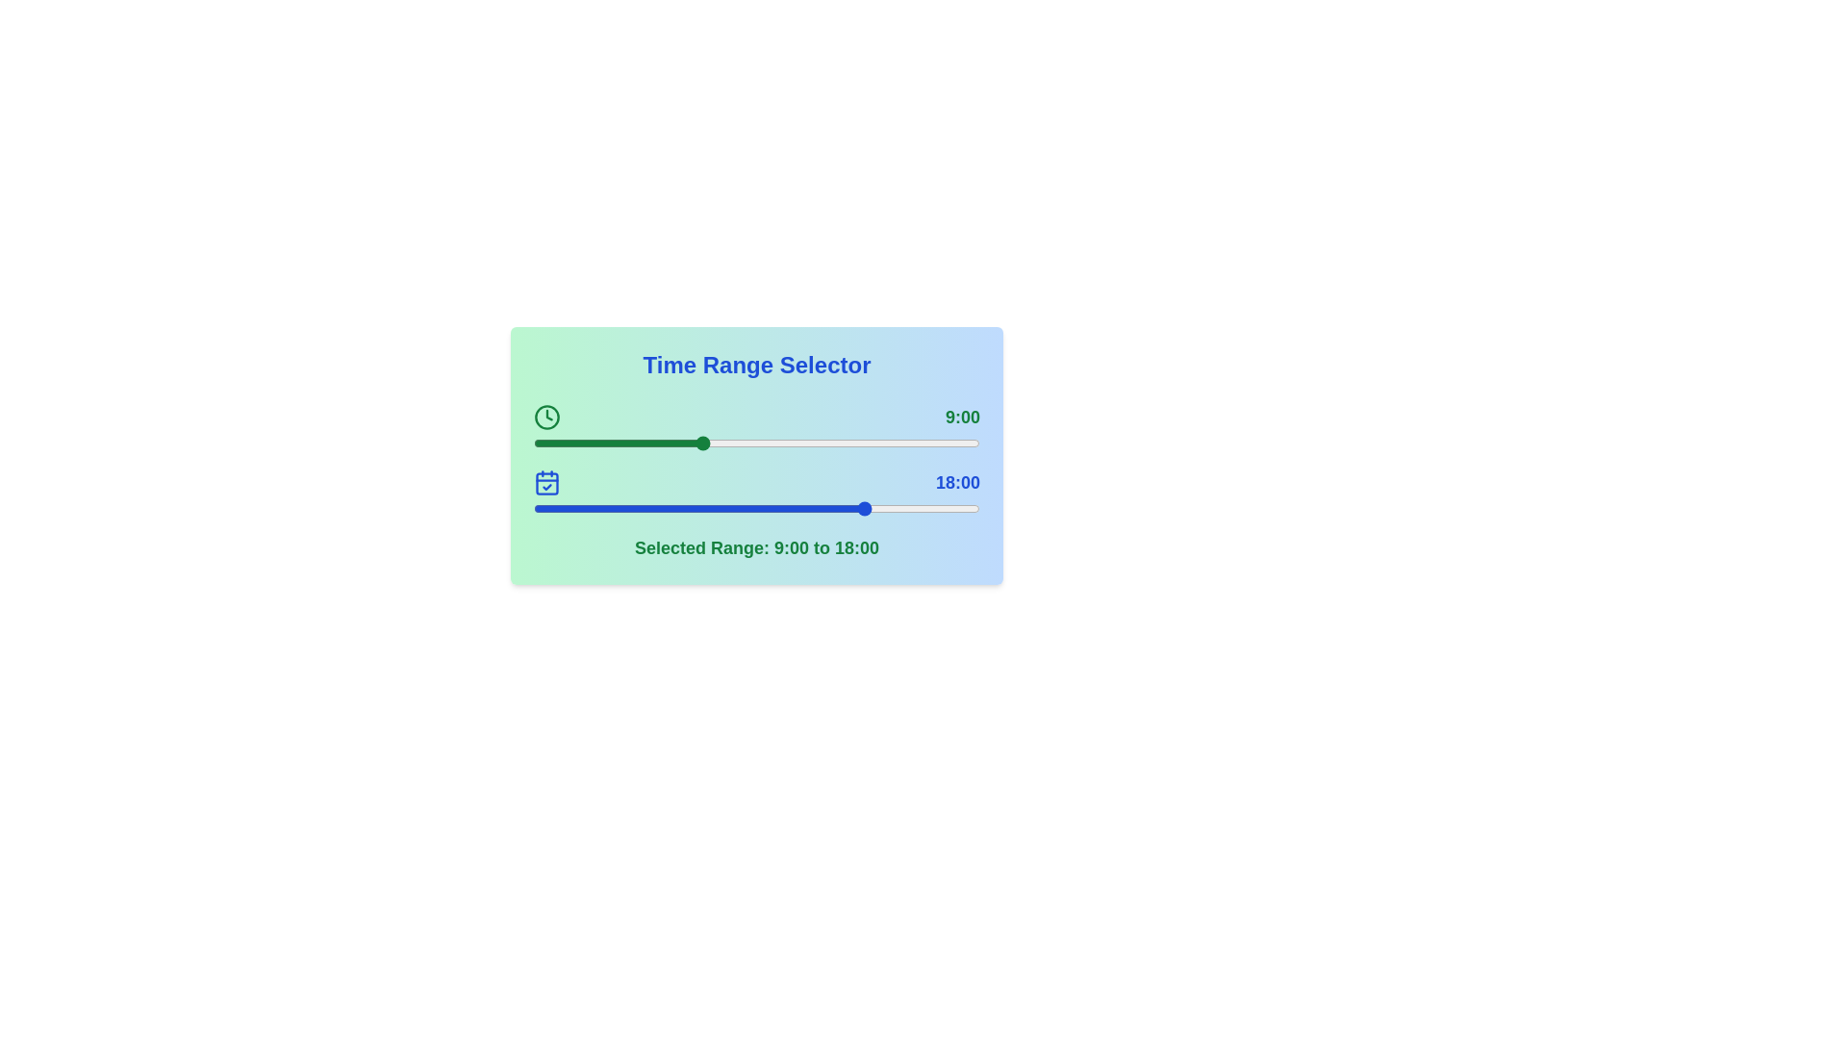 Image resolution: width=1847 pixels, height=1039 pixels. I want to click on the small triangular chevron-down indicator located inside the circular clock icon, positioned at the top-left corner of the icon, next to the 'Time Range Selector' header, so click(548, 414).